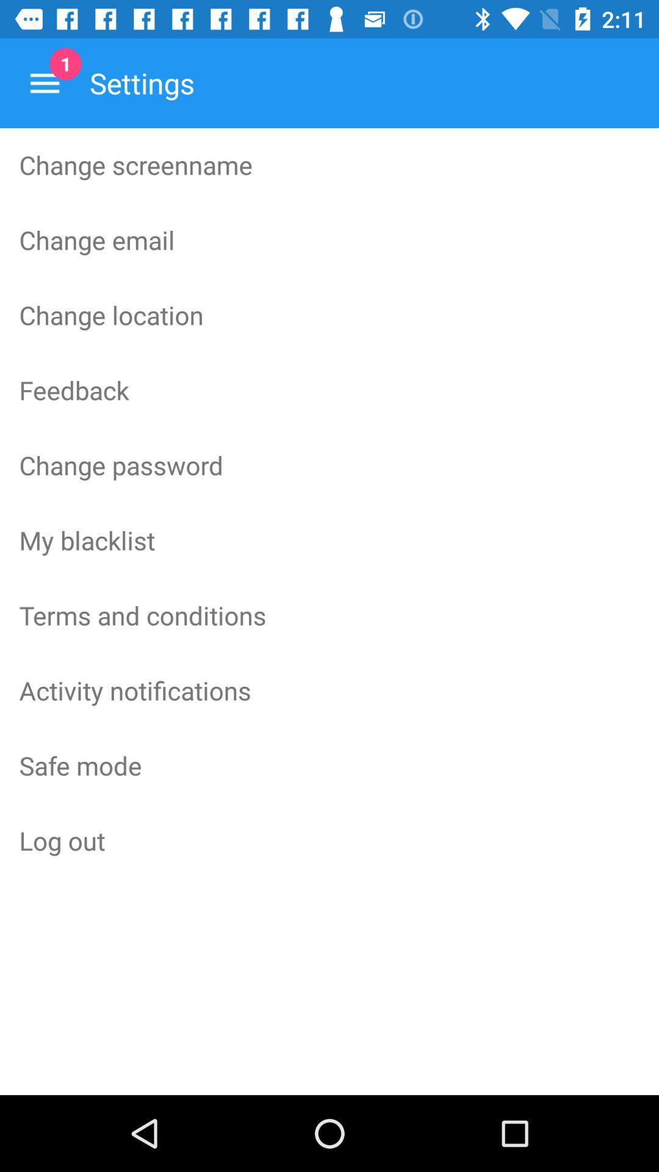 This screenshot has height=1172, width=659. I want to click on the item above the change email icon, so click(329, 164).